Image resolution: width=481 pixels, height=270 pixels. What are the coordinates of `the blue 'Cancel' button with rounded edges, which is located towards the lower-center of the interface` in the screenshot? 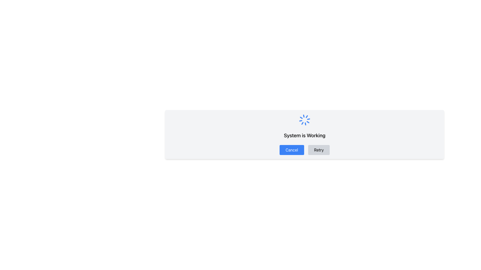 It's located at (292, 150).